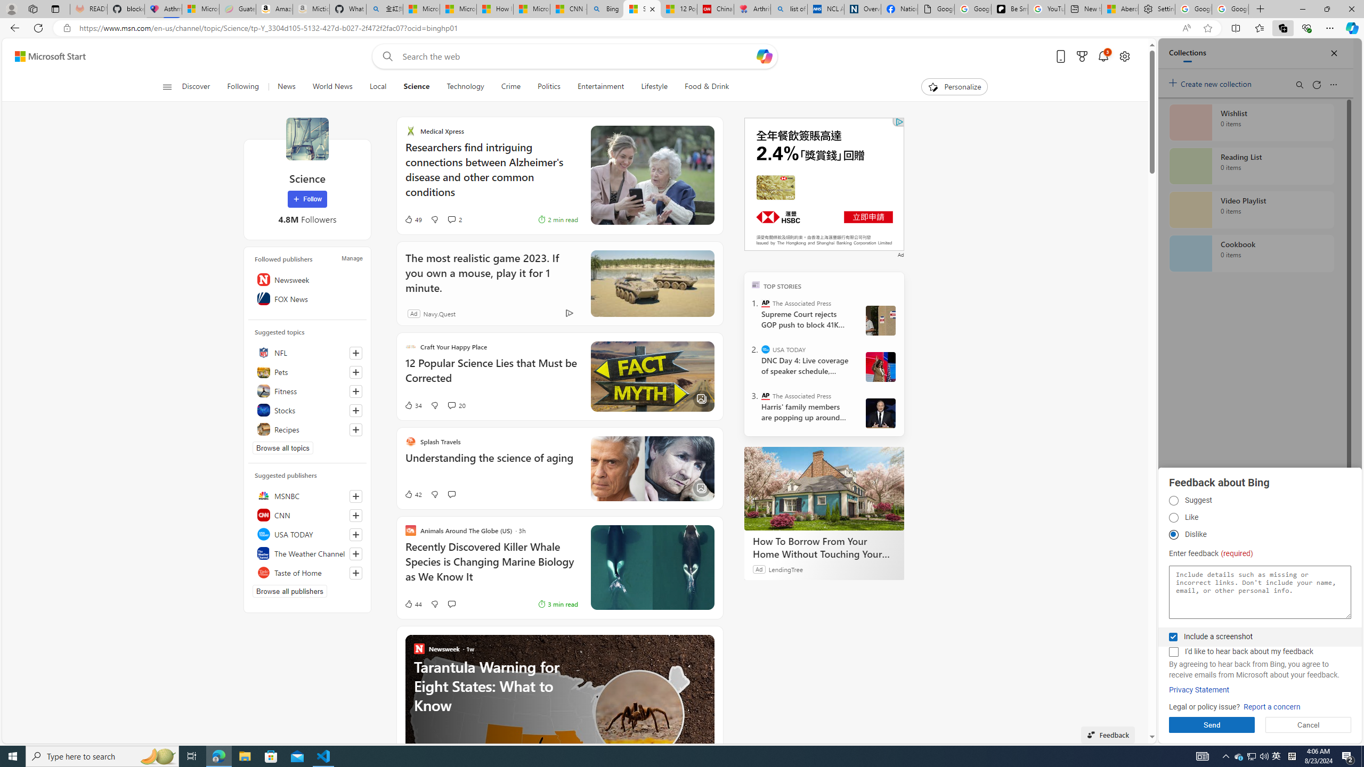 This screenshot has width=1364, height=767. What do you see at coordinates (1272, 706) in the screenshot?
I see `'Report a concern'` at bounding box center [1272, 706].